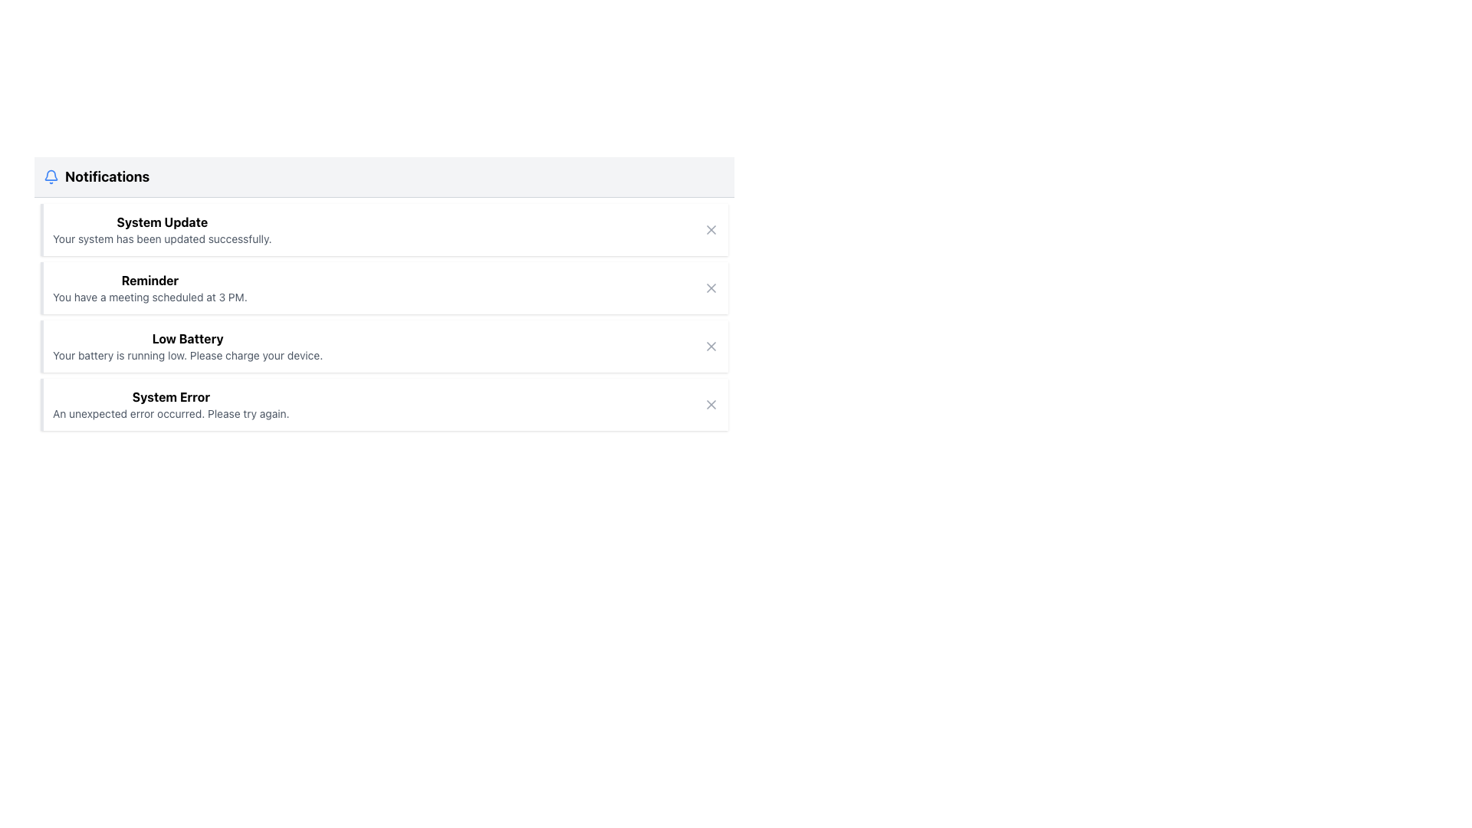 The image size is (1472, 828). What do you see at coordinates (149, 297) in the screenshot?
I see `the notification message text located below the 'Reminder' bold text in the notifications section to possibly trigger a tooltip` at bounding box center [149, 297].